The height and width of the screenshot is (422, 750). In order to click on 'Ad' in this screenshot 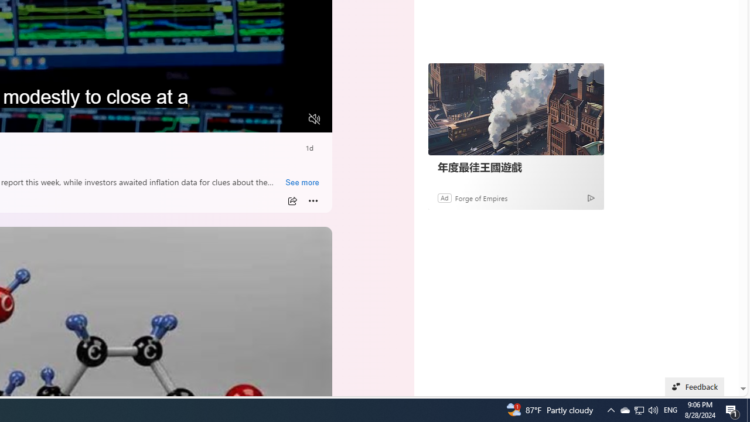, I will do `click(444, 197)`.